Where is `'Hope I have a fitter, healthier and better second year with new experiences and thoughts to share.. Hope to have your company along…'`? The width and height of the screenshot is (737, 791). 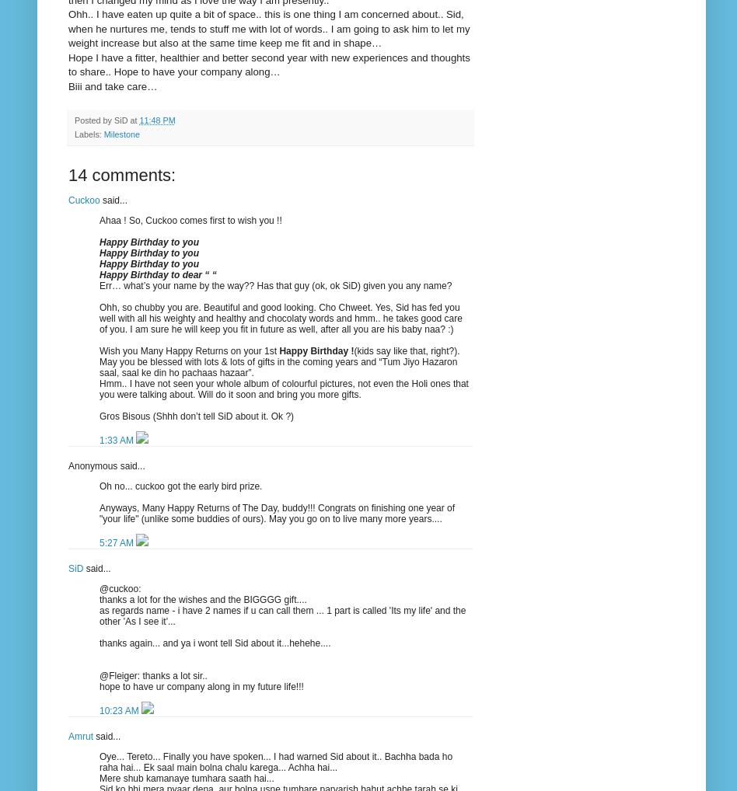
'Hope I have a fitter, healthier and better second year with new experiences and thoughts to share.. Hope to have your company along…' is located at coordinates (269, 64).